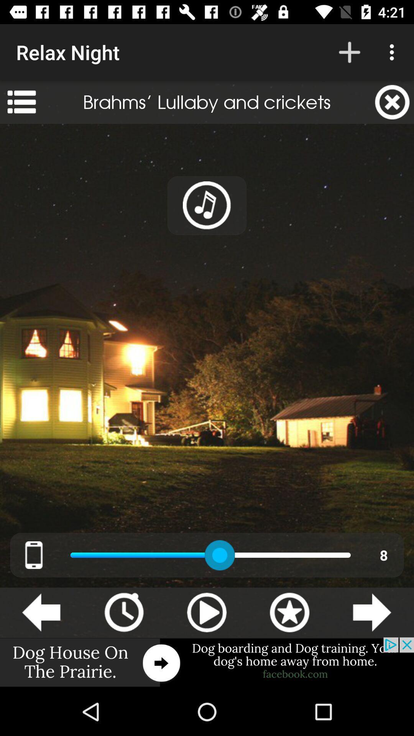 This screenshot has width=414, height=736. Describe the element at coordinates (289, 612) in the screenshot. I see `the star icon` at that location.